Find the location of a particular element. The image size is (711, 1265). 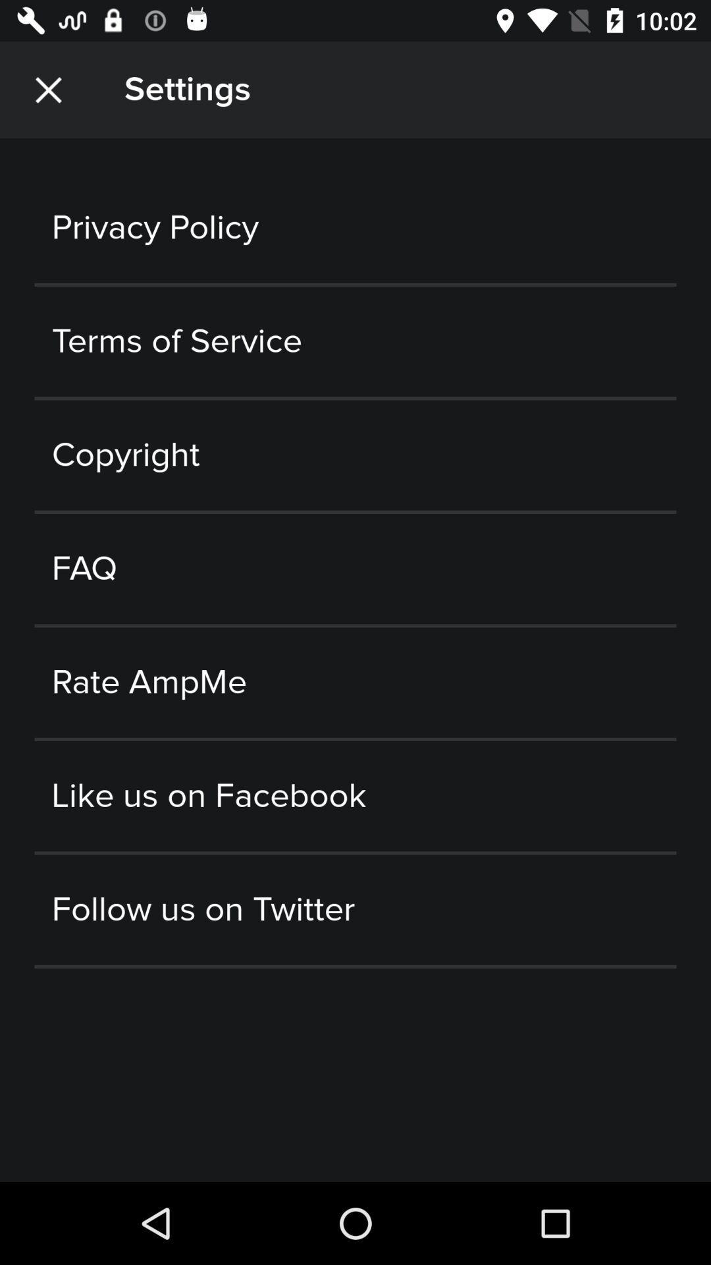

rate ampme item is located at coordinates (355, 683).